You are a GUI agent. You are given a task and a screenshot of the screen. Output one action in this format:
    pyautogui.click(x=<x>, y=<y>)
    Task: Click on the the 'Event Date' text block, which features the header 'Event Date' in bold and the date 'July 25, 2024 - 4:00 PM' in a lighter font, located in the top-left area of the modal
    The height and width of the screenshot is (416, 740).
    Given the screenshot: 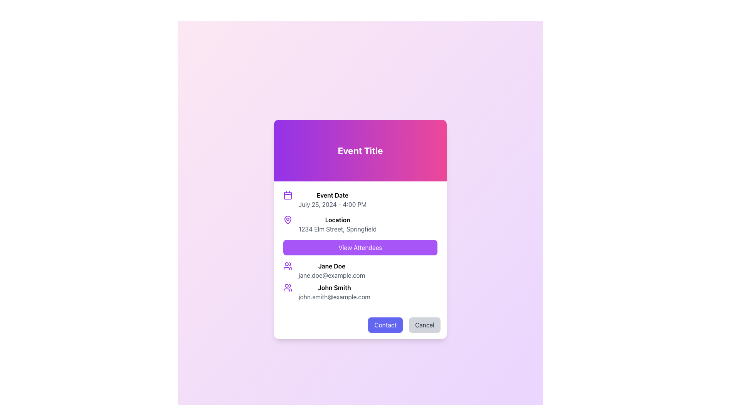 What is the action you would take?
    pyautogui.click(x=333, y=199)
    